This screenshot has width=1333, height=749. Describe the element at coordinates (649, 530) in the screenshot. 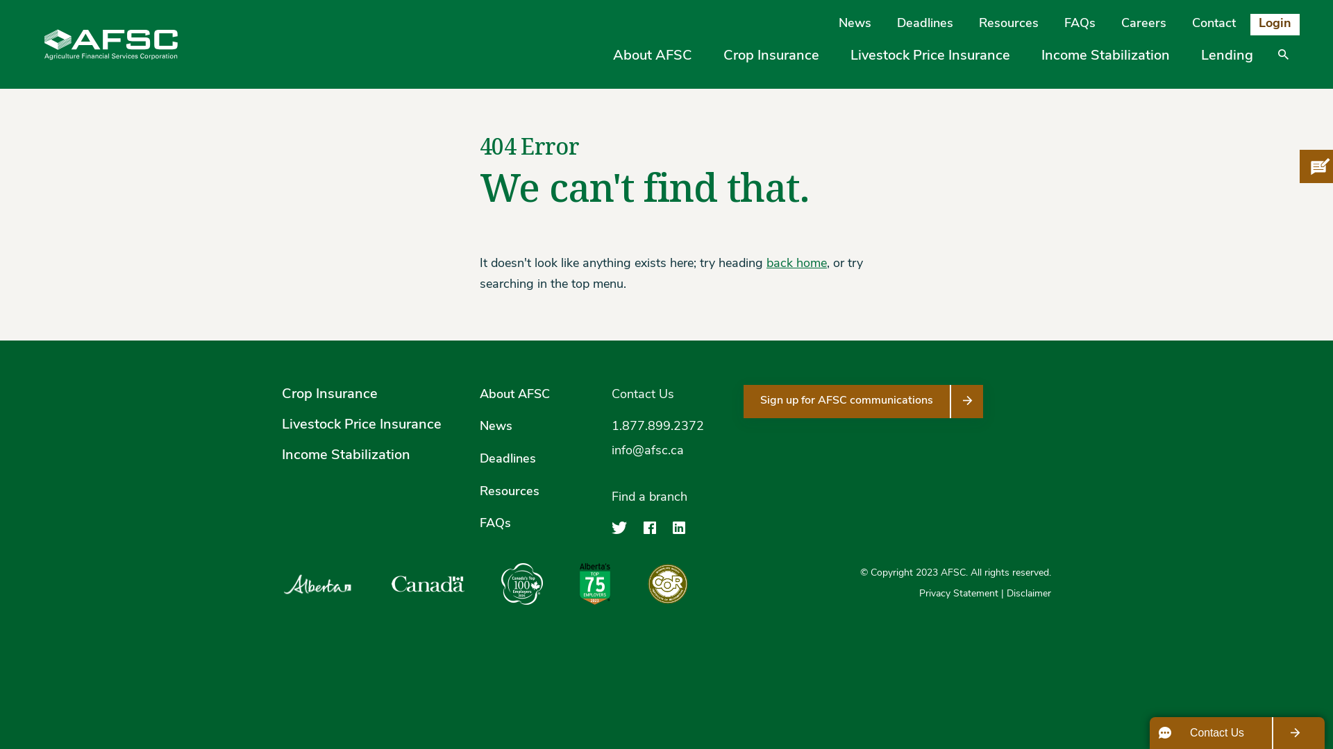

I see `'Agriculture Financial Services Corporation on Facebook'` at that location.